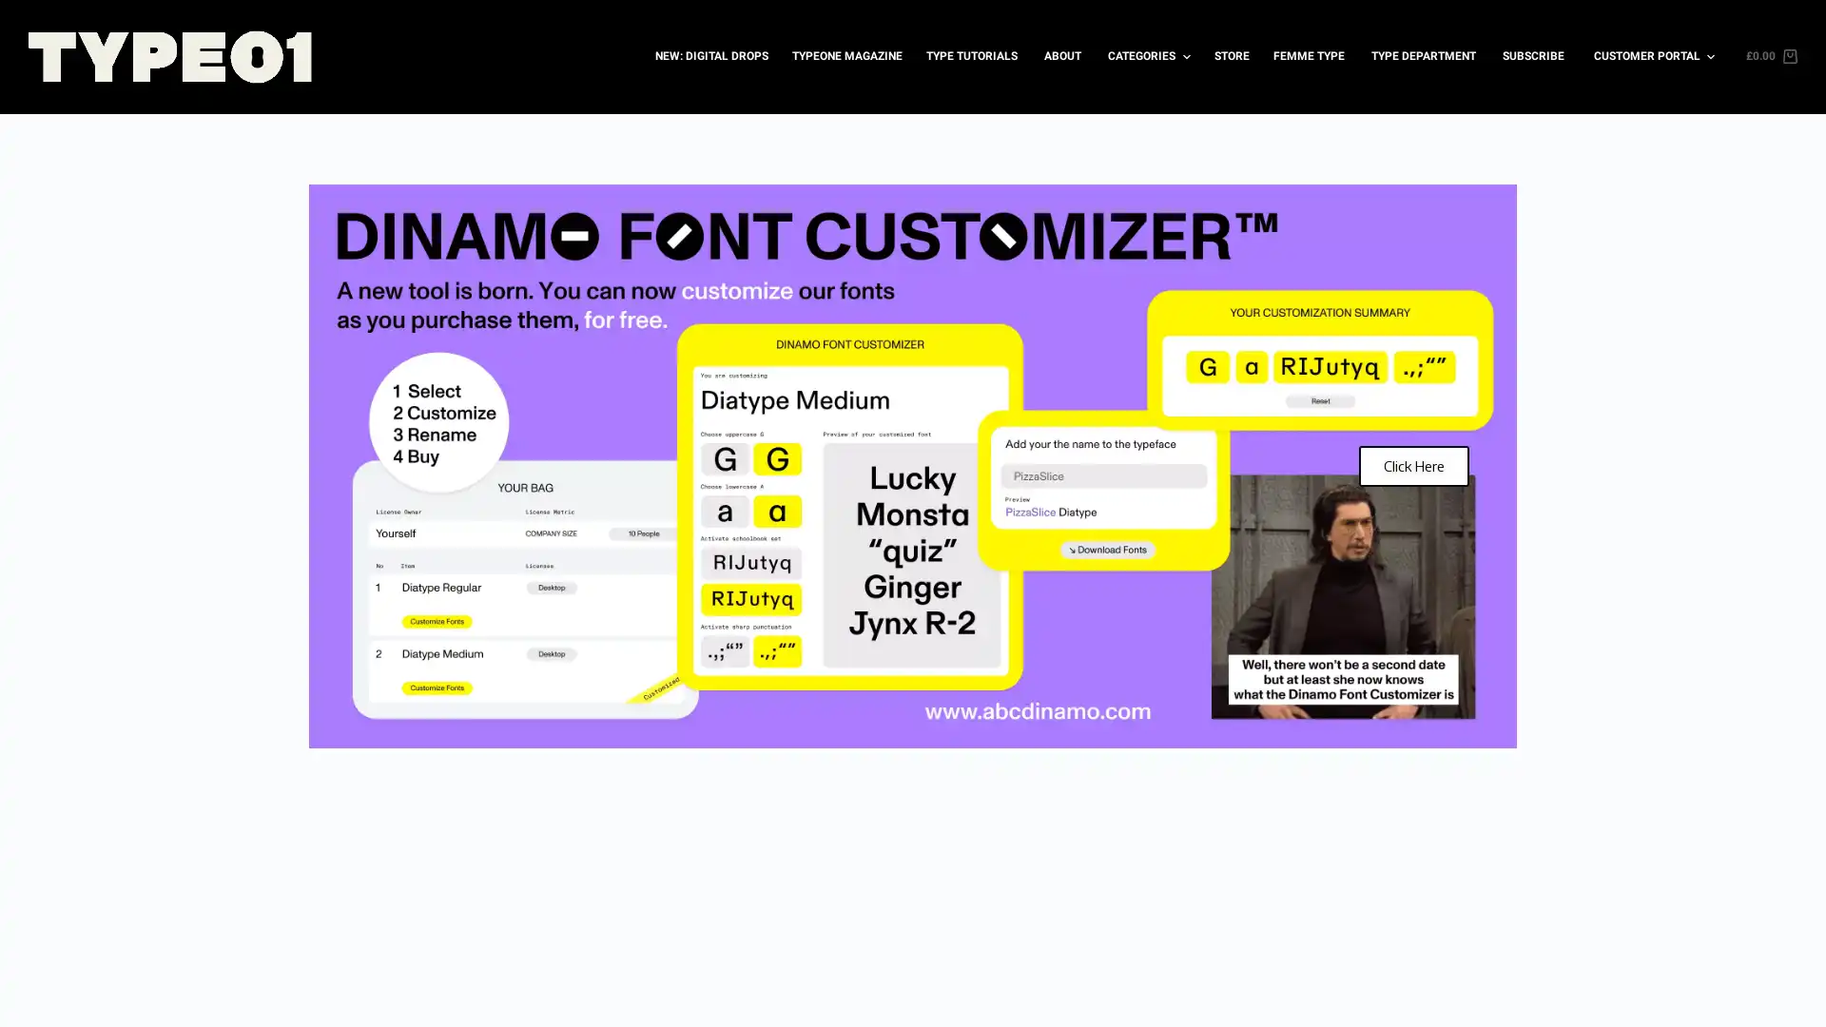 The width and height of the screenshot is (1826, 1027). I want to click on Accept, so click(90, 958).